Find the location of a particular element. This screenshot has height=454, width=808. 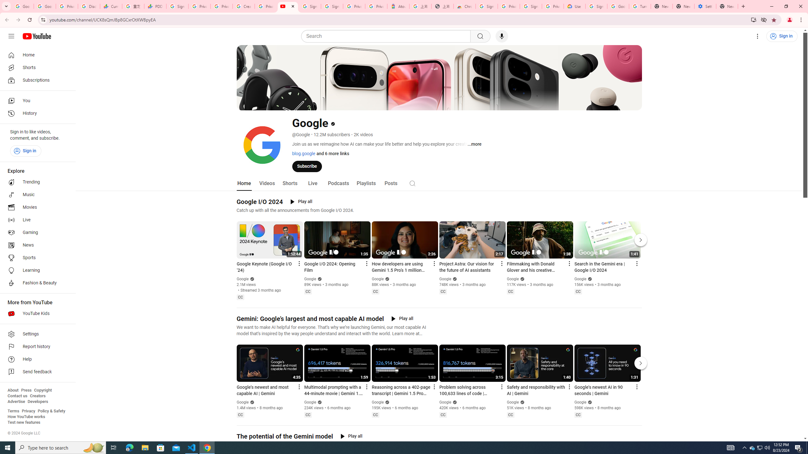

'Atour Hotel - Google hotels' is located at coordinates (398, 6).